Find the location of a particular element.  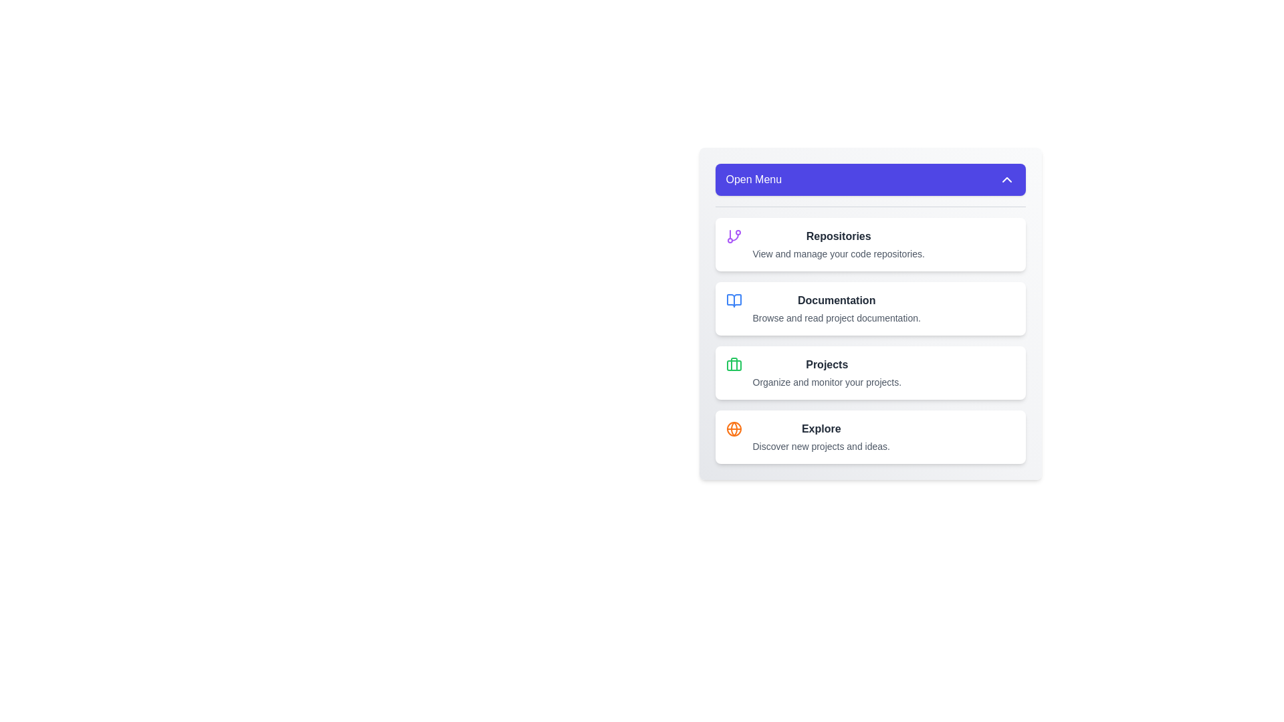

the first clickable card in the vertical list located below the 'Open Menu' header is located at coordinates (870, 245).